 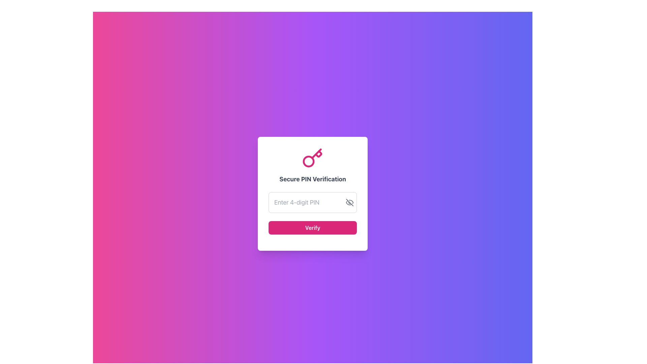 I want to click on the eye icon toggle to change the visibility state of the PIN input field, so click(x=349, y=202).